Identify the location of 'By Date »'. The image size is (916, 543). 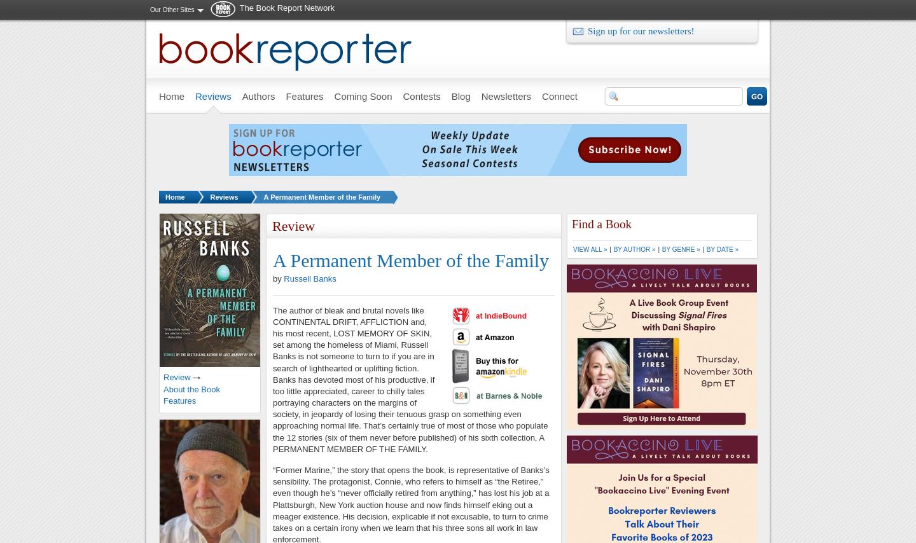
(705, 249).